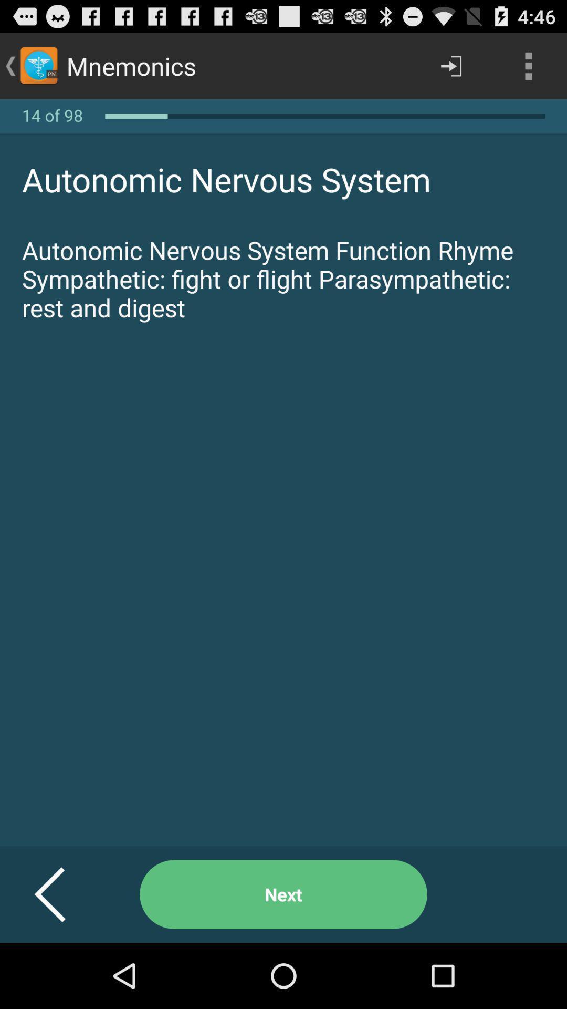 This screenshot has width=567, height=1009. Describe the element at coordinates (450, 65) in the screenshot. I see `the icon to the right of the mnemonics` at that location.